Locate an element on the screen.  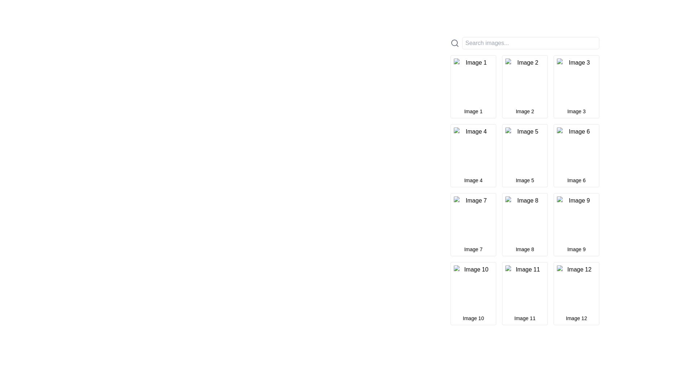
the circular part of the magnifying glass icon located to the left of the input field at the top of the interface is located at coordinates (454, 43).